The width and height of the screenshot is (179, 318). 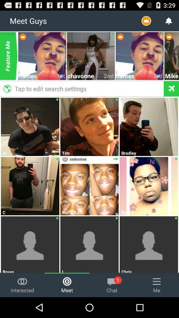 I want to click on location tool, so click(x=171, y=88).